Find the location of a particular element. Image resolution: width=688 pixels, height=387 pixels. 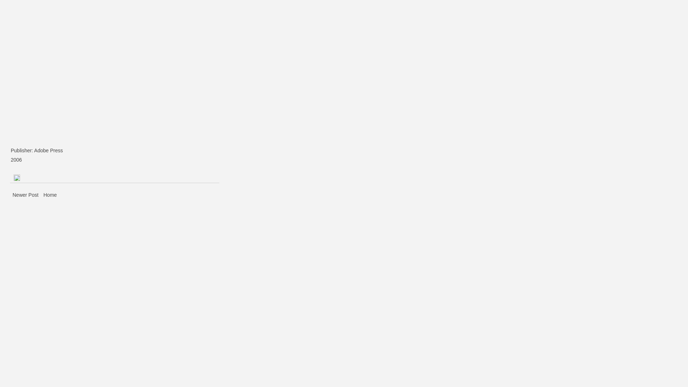

'Newer Post' is located at coordinates (26, 195).